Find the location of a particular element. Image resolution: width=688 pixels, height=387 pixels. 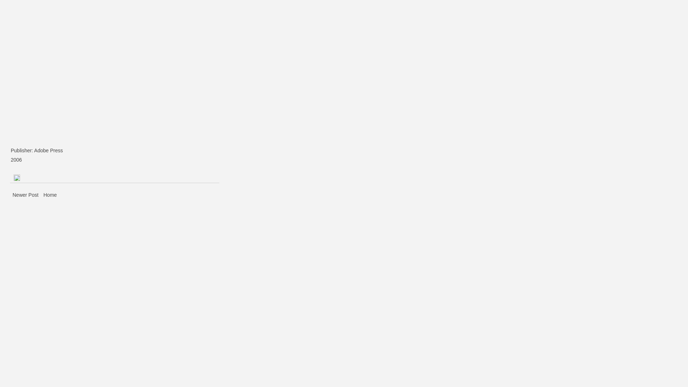

'Newer Post' is located at coordinates (26, 195).